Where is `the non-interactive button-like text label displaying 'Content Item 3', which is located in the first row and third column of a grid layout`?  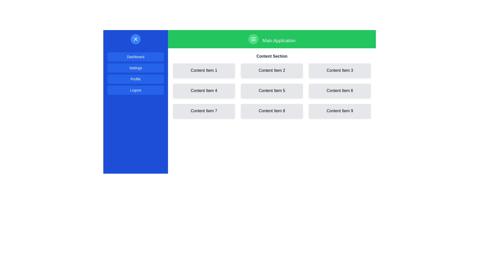
the non-interactive button-like text label displaying 'Content Item 3', which is located in the first row and third column of a grid layout is located at coordinates (340, 70).